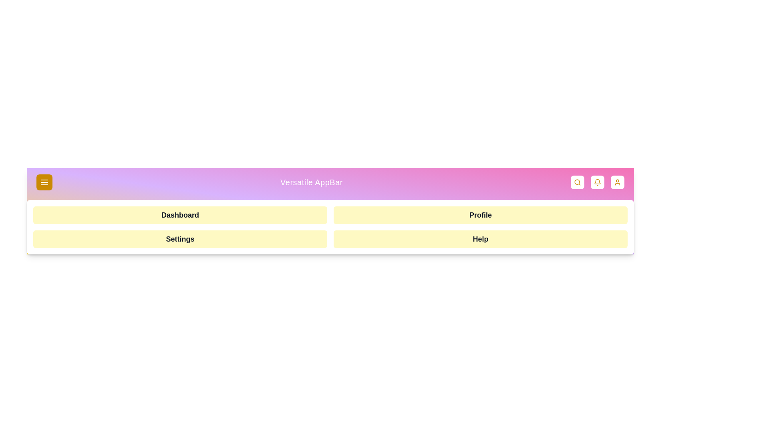 Image resolution: width=769 pixels, height=432 pixels. I want to click on the menu toggle button to toggle the menu open/close state, so click(44, 182).